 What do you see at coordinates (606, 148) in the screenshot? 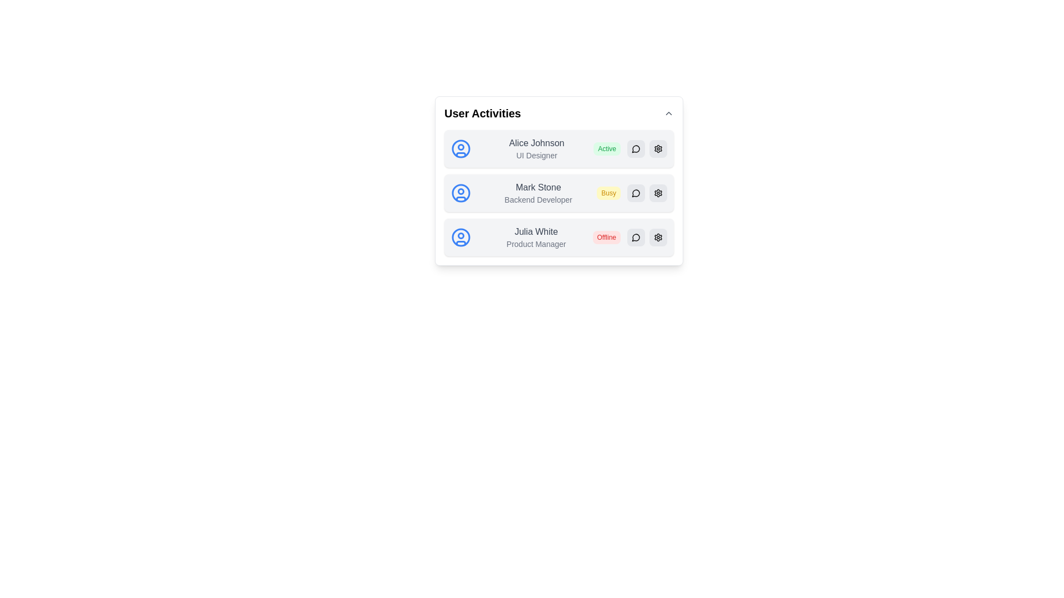
I see `the status label indicating 'Active' for the user 'Alice Johnson' in the user activities list` at bounding box center [606, 148].